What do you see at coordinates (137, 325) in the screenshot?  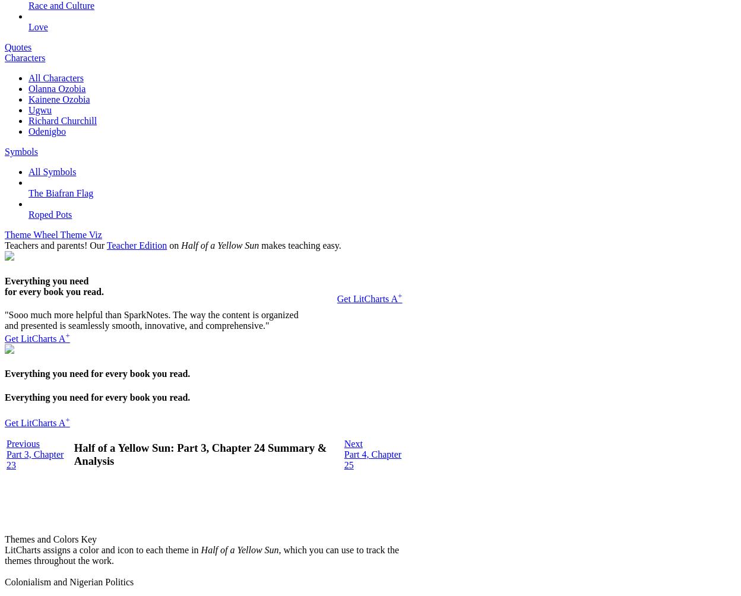 I see `'and presented is seamlessly smooth, innovative, and comprehensive."'` at bounding box center [137, 325].